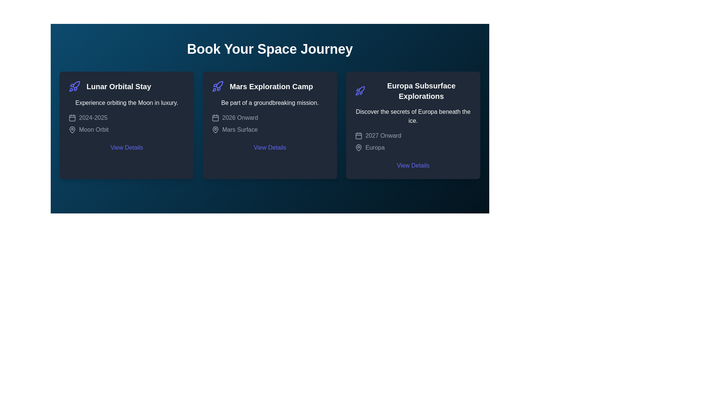 The width and height of the screenshot is (716, 403). Describe the element at coordinates (421, 90) in the screenshot. I see `the bold, large-text label that reads 'Europa Subsurface Explorations', located in the top section of the third card beneath a rocket icon` at that location.